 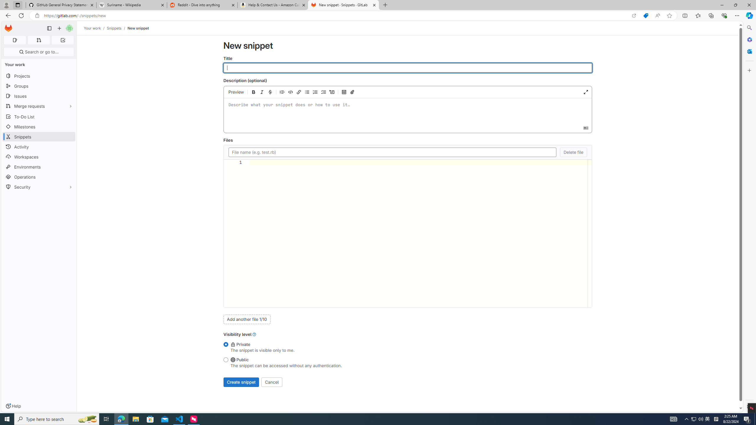 I want to click on 'Snippets', so click(x=114, y=28).